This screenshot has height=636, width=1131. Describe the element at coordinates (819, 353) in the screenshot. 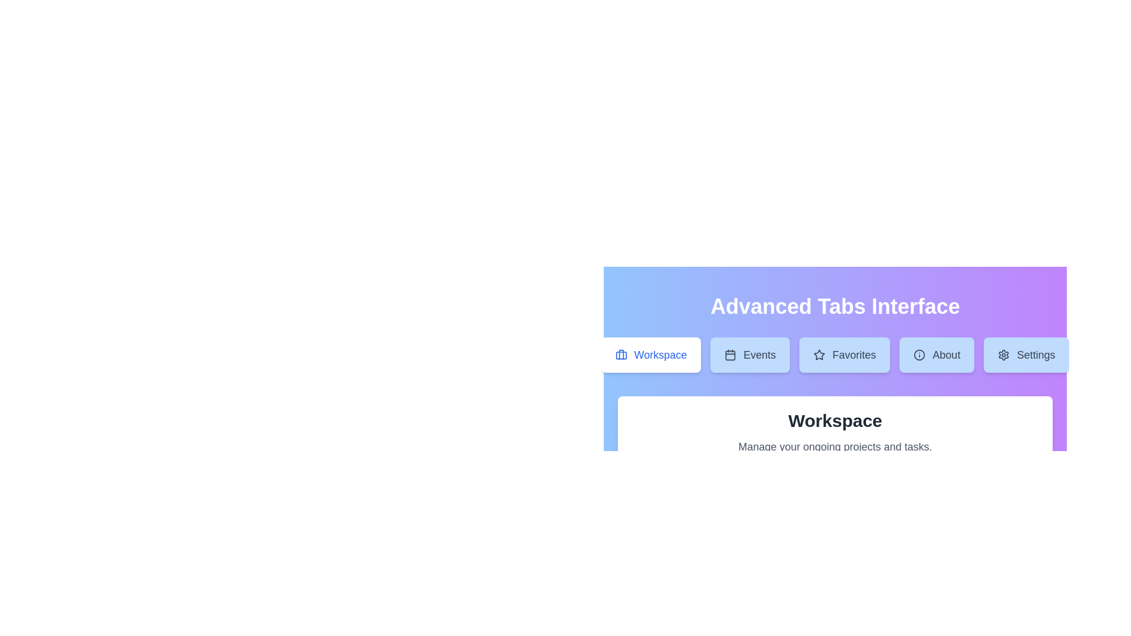

I see `the Star Icon located in the 'Favorites' tab to mark an item as a favorite or access favorite items` at that location.